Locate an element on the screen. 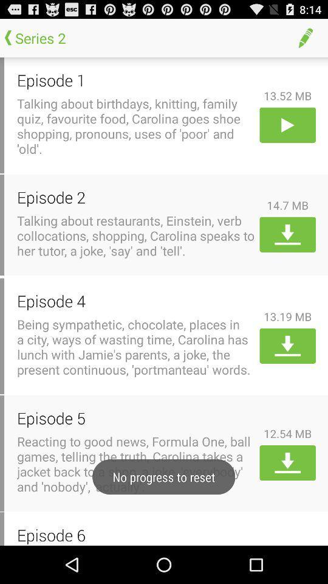 The width and height of the screenshot is (328, 584). the icon to the left of 14.7 mb icon is located at coordinates (135, 197).